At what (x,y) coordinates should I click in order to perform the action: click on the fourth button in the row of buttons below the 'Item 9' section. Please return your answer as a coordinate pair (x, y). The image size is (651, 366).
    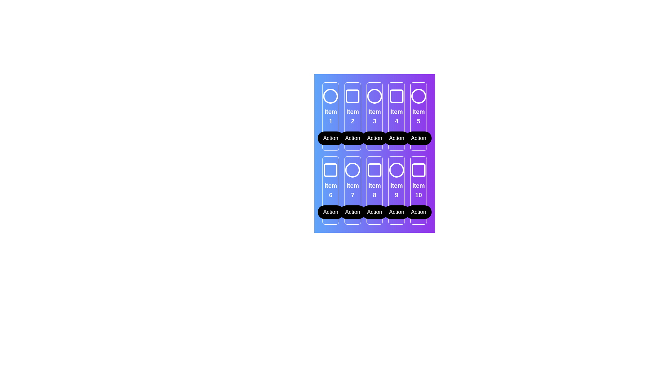
    Looking at the image, I should click on (396, 211).